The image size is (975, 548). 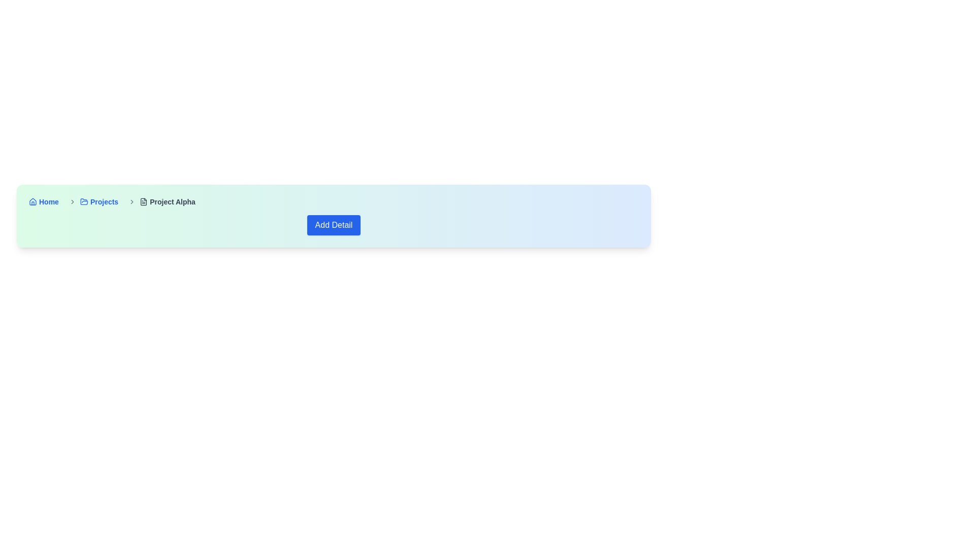 I want to click on the third item in the breadcrumb navigation bar labeled 'Project Alpha', so click(x=159, y=201).